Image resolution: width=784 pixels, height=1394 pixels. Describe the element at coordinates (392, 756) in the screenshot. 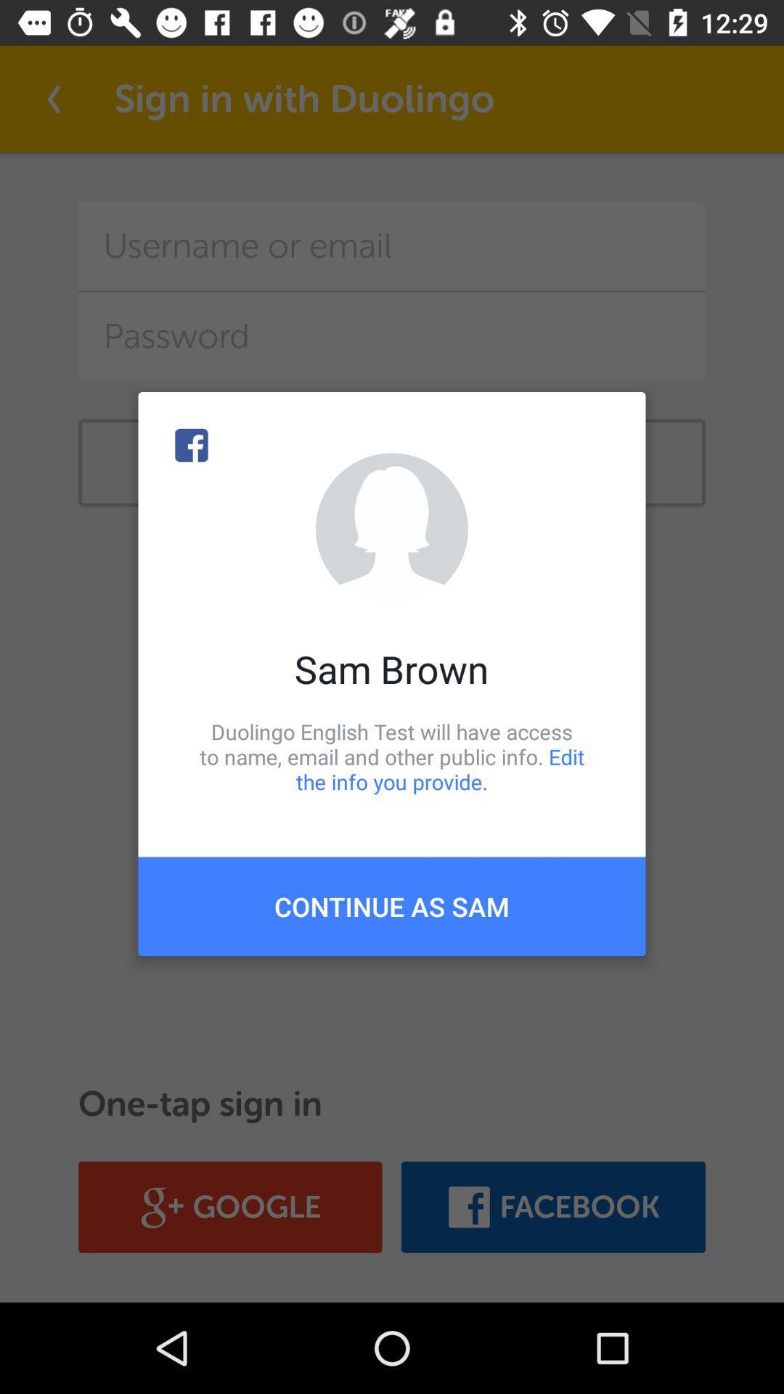

I see `item below sam brown icon` at that location.